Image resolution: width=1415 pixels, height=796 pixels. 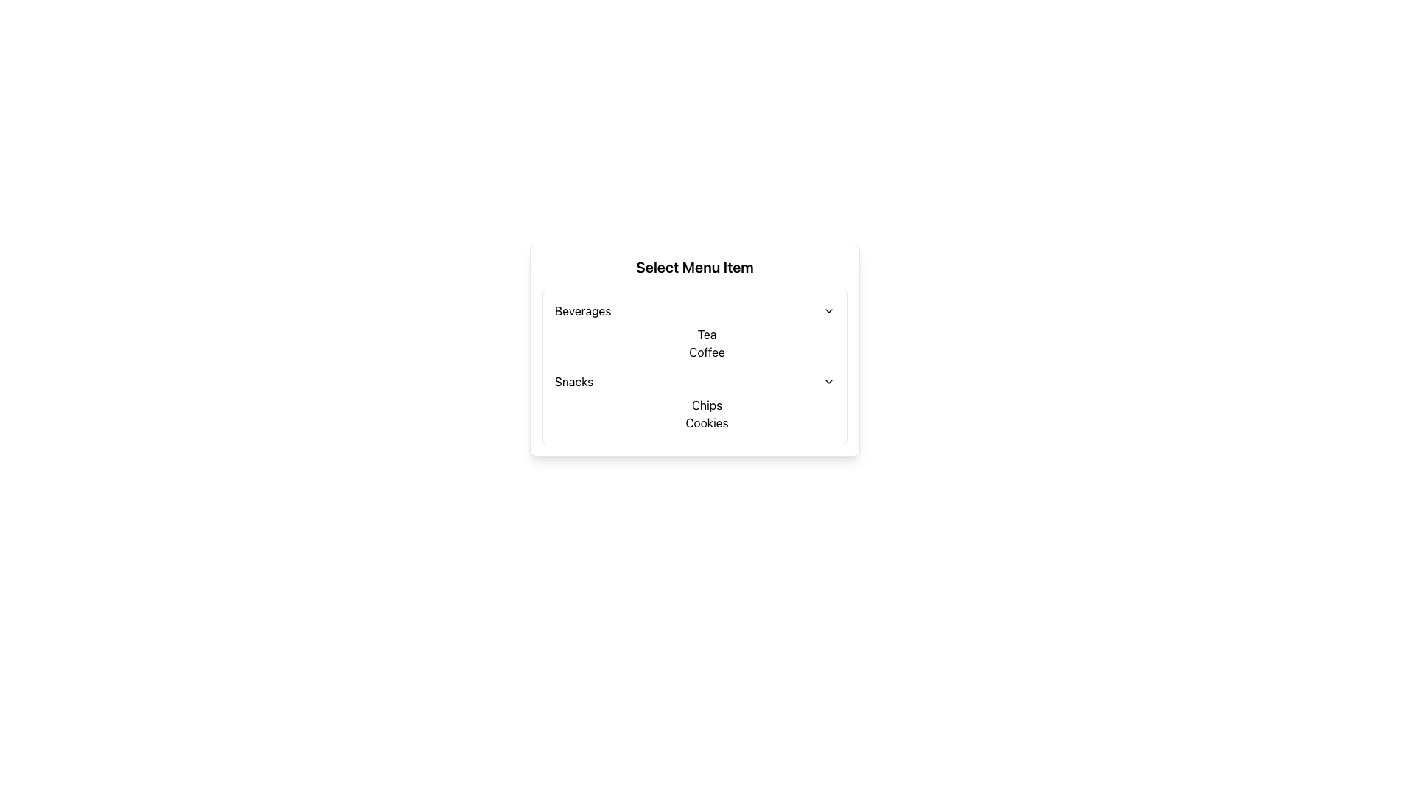 I want to click on the downward-pointing chevron icon located near the right edge of the 'Beverages' row, so click(x=828, y=310).